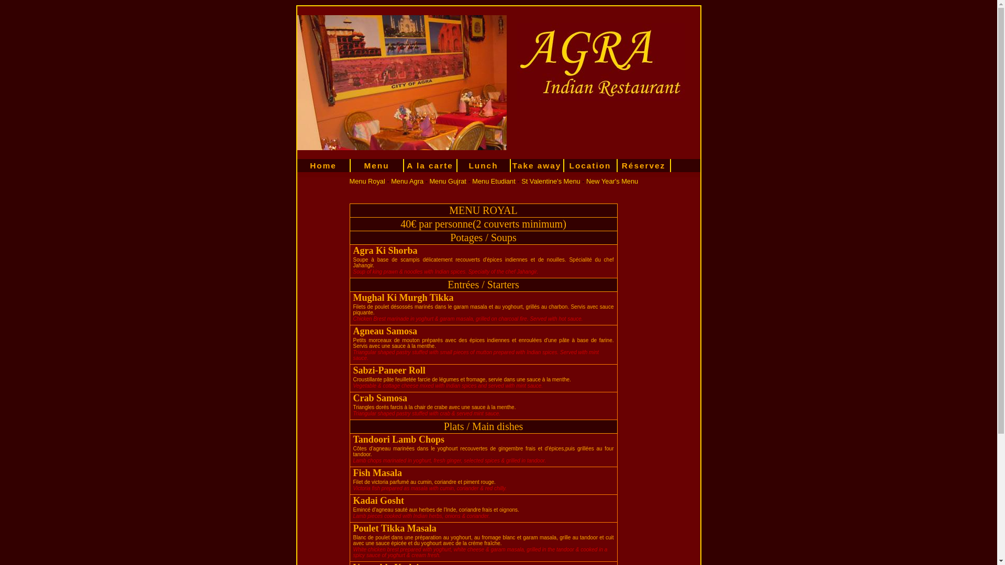 The height and width of the screenshot is (565, 1005). Describe the element at coordinates (612, 180) in the screenshot. I see `'New Year's Menu'` at that location.